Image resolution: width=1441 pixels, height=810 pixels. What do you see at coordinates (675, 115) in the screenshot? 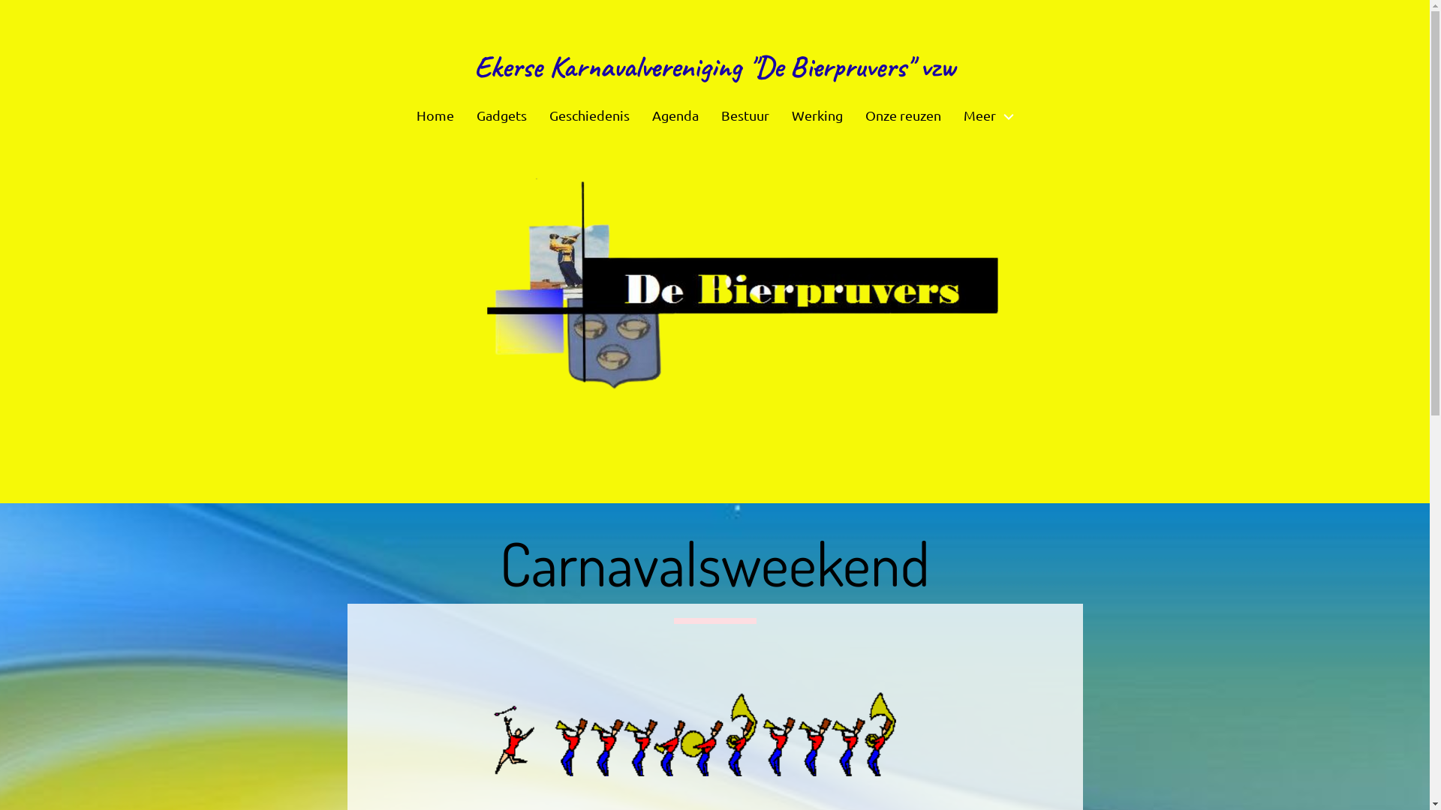
I see `'Agenda'` at bounding box center [675, 115].